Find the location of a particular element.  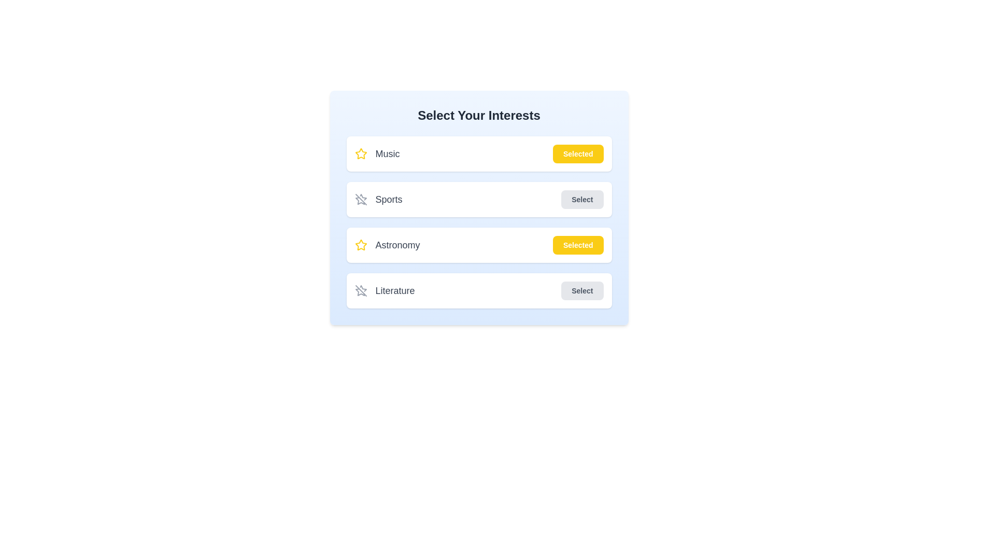

the interest Astronomy is located at coordinates (577, 245).